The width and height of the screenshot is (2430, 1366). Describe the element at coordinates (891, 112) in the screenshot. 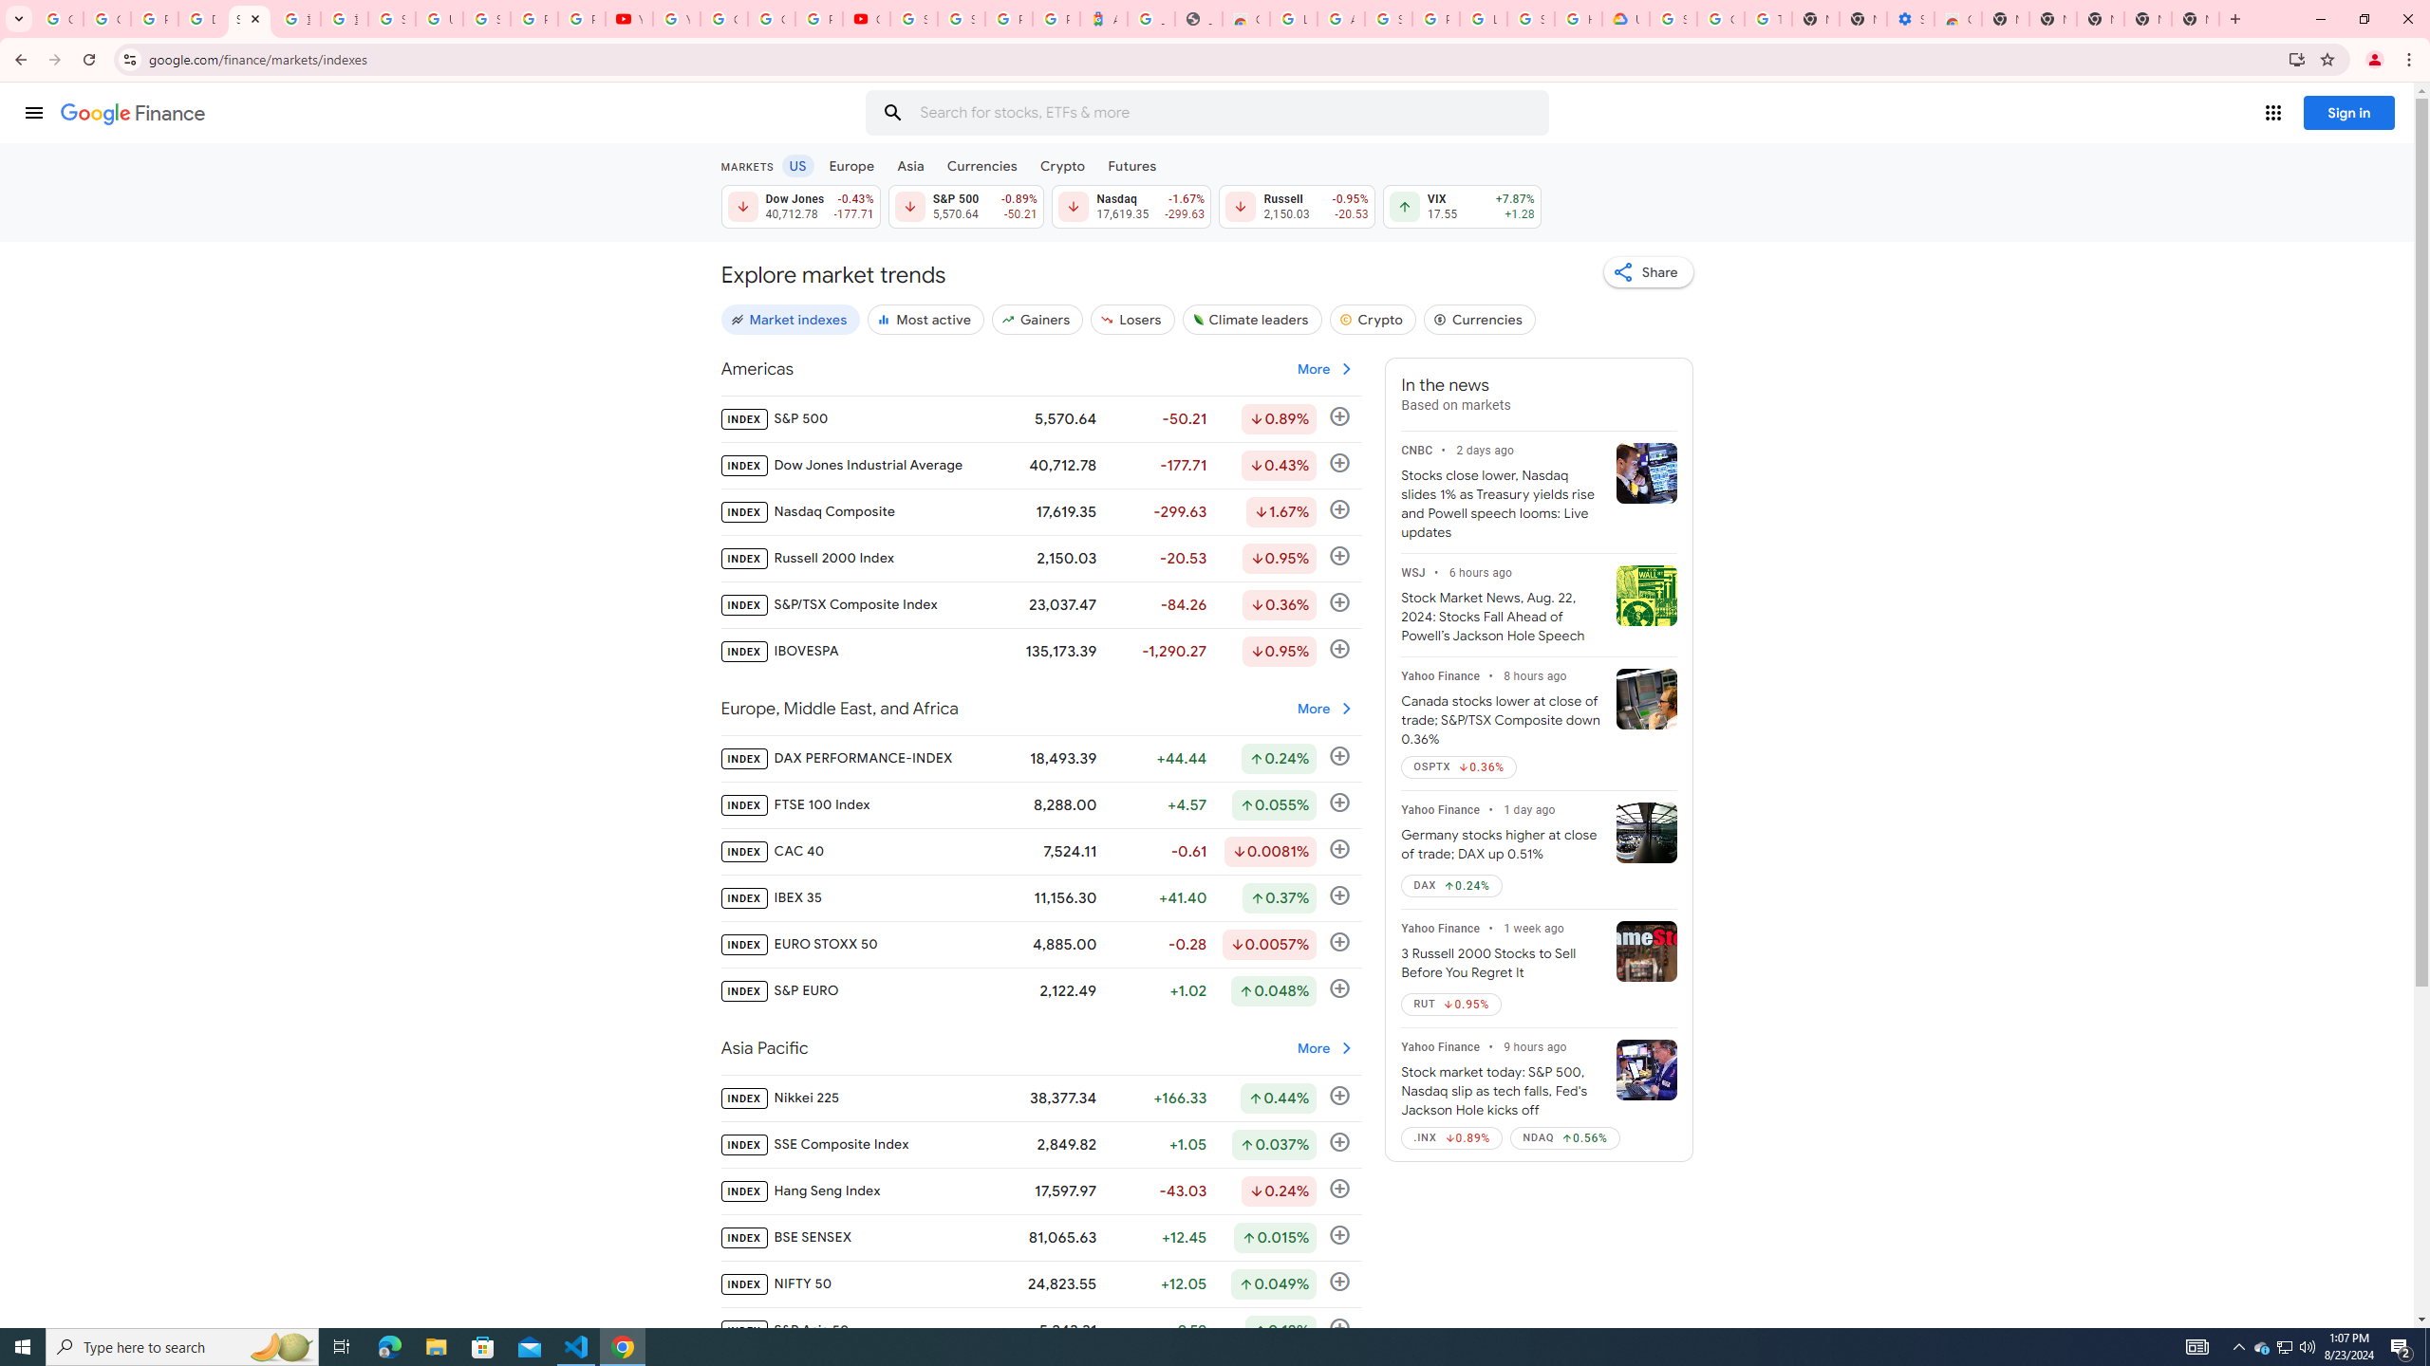

I see `'Search'` at that location.